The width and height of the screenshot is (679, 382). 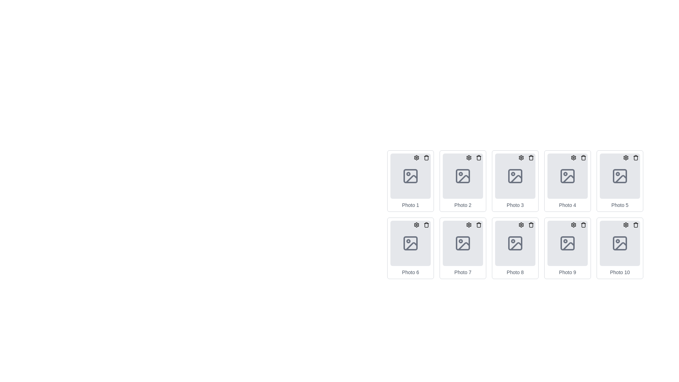 I want to click on the gear icon in the Settings and action group located in the top-right corner of the 'Photo 8' card, so click(x=526, y=225).